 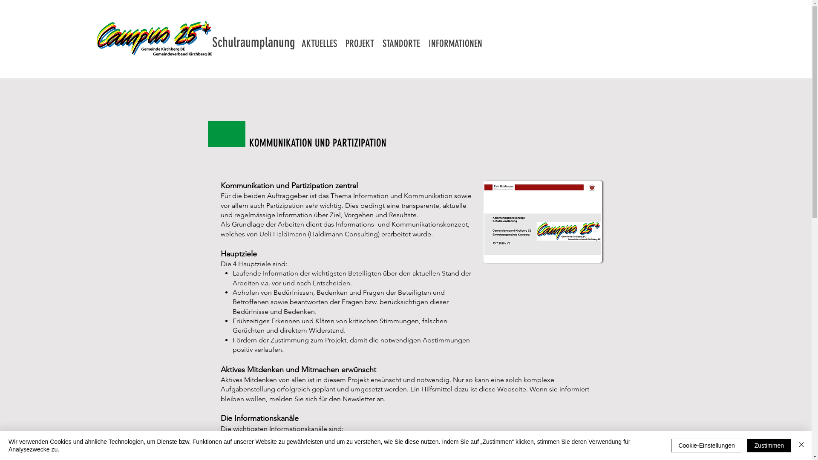 I want to click on 'PROJEKT', so click(x=359, y=43).